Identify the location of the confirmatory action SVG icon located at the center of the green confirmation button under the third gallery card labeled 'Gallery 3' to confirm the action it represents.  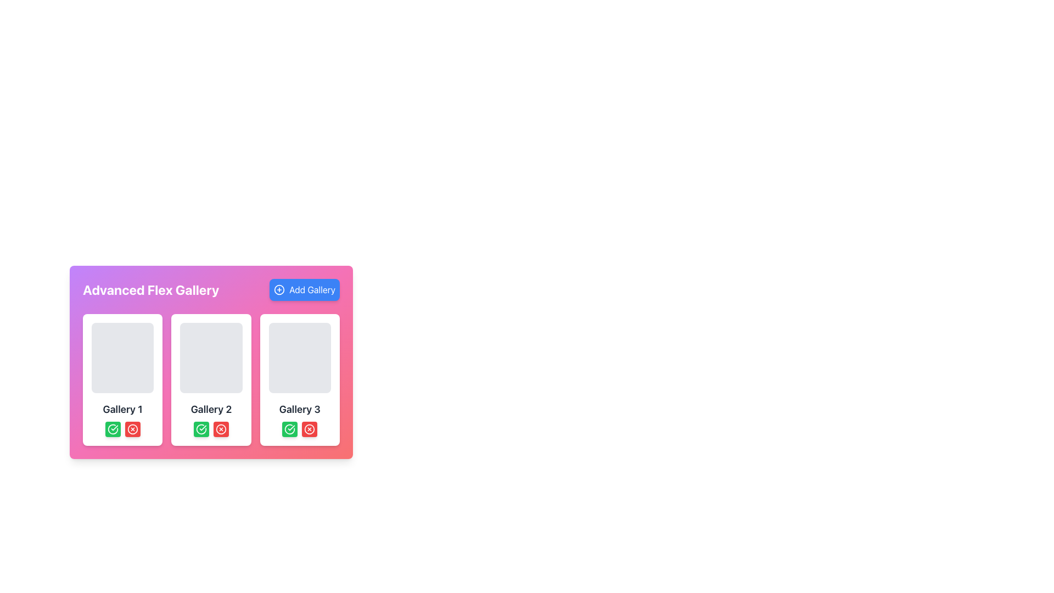
(290, 429).